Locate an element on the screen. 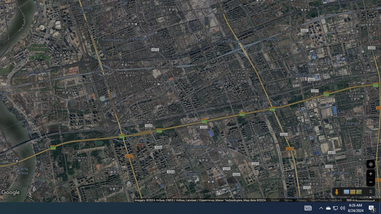  '500 m' is located at coordinates (360, 200).